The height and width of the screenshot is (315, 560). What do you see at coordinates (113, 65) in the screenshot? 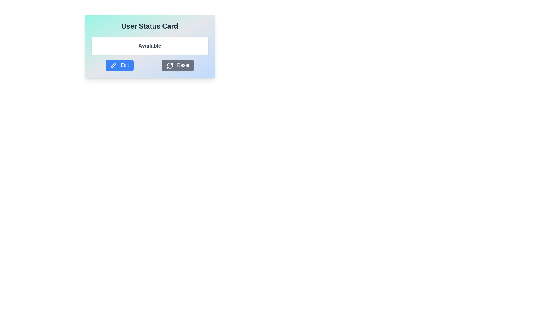
I see `the 'Edit' button featuring a pen icon` at bounding box center [113, 65].